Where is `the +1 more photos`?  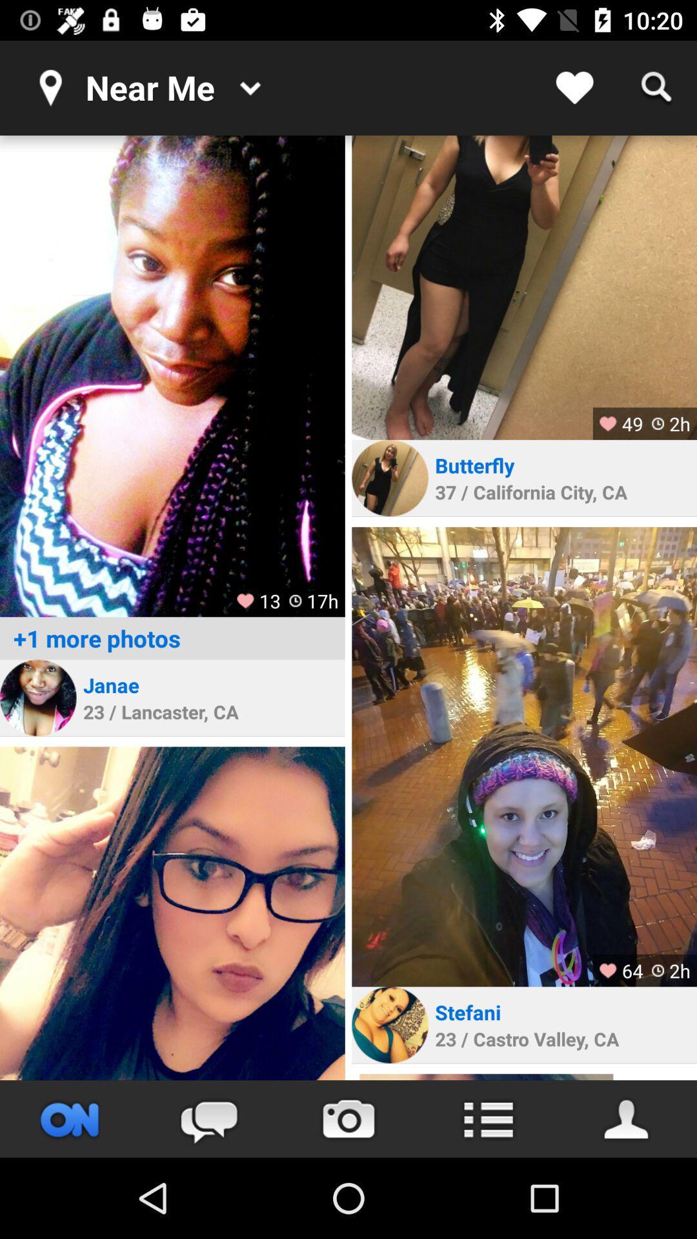 the +1 more photos is located at coordinates (172, 638).